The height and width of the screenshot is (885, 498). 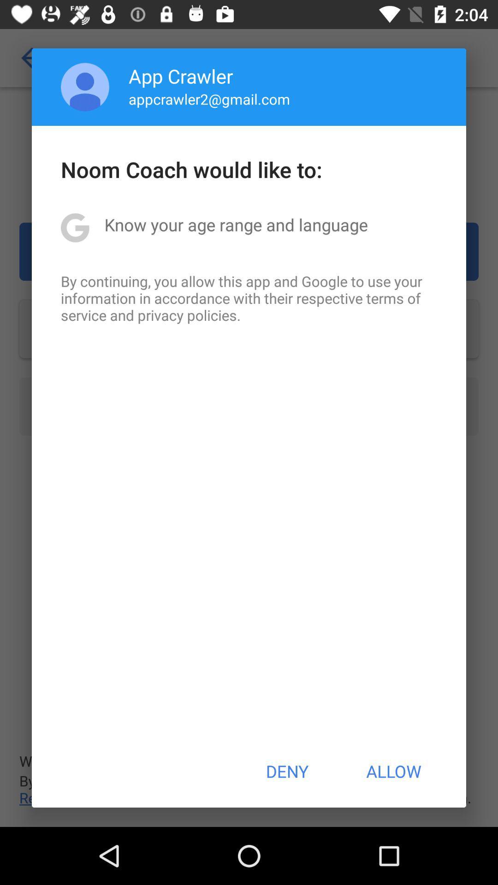 I want to click on the app above the noom coach would app, so click(x=209, y=99).